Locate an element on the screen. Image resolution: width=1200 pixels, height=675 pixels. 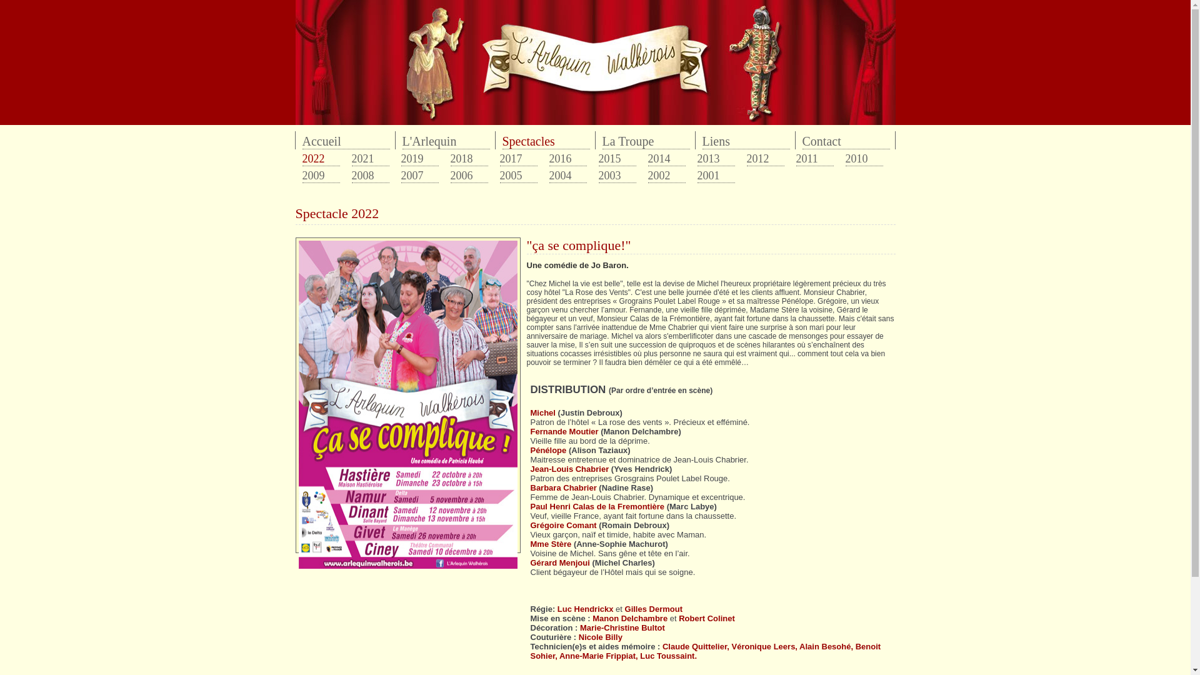
'2014' is located at coordinates (665, 158).